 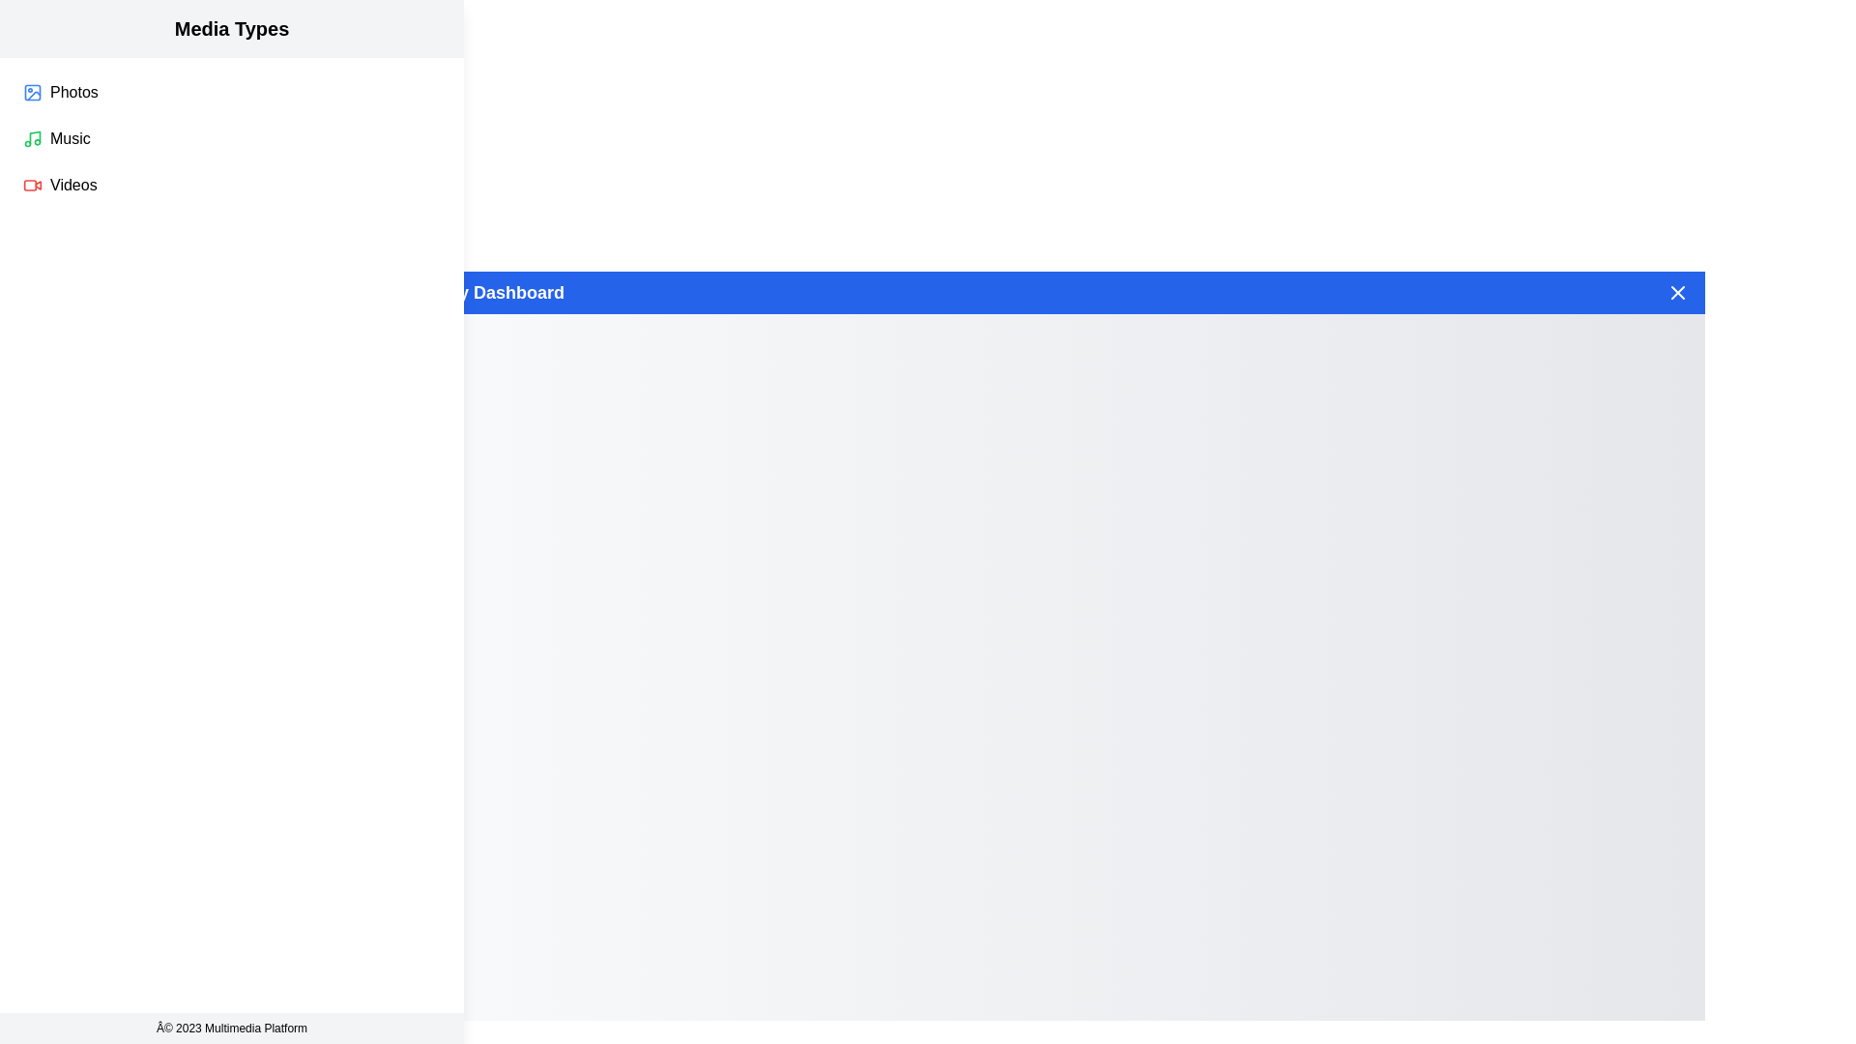 I want to click on the music note icon within the 'Music' entry in the 'Media Types' section, which is styled with green accents, so click(x=35, y=136).